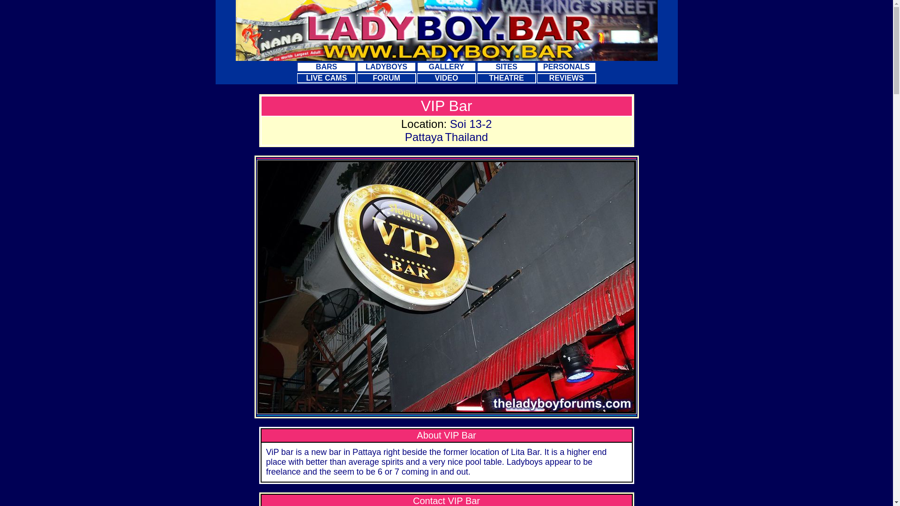  I want to click on 'LIVE CAMS', so click(326, 77).